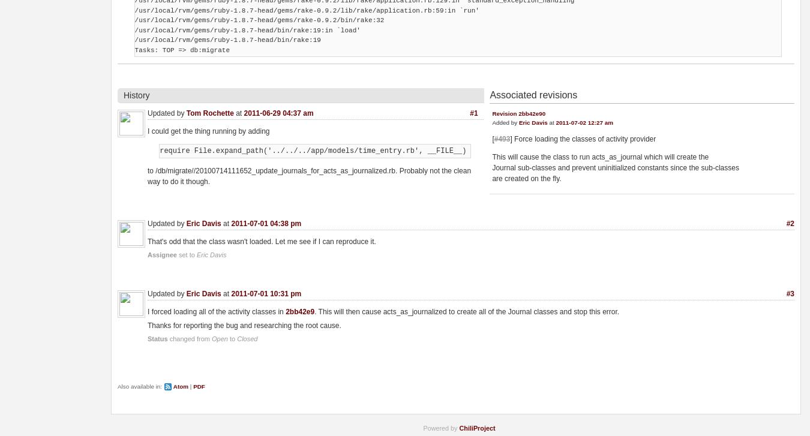  What do you see at coordinates (277, 113) in the screenshot?
I see `'2011-06-29 04:37 am'` at bounding box center [277, 113].